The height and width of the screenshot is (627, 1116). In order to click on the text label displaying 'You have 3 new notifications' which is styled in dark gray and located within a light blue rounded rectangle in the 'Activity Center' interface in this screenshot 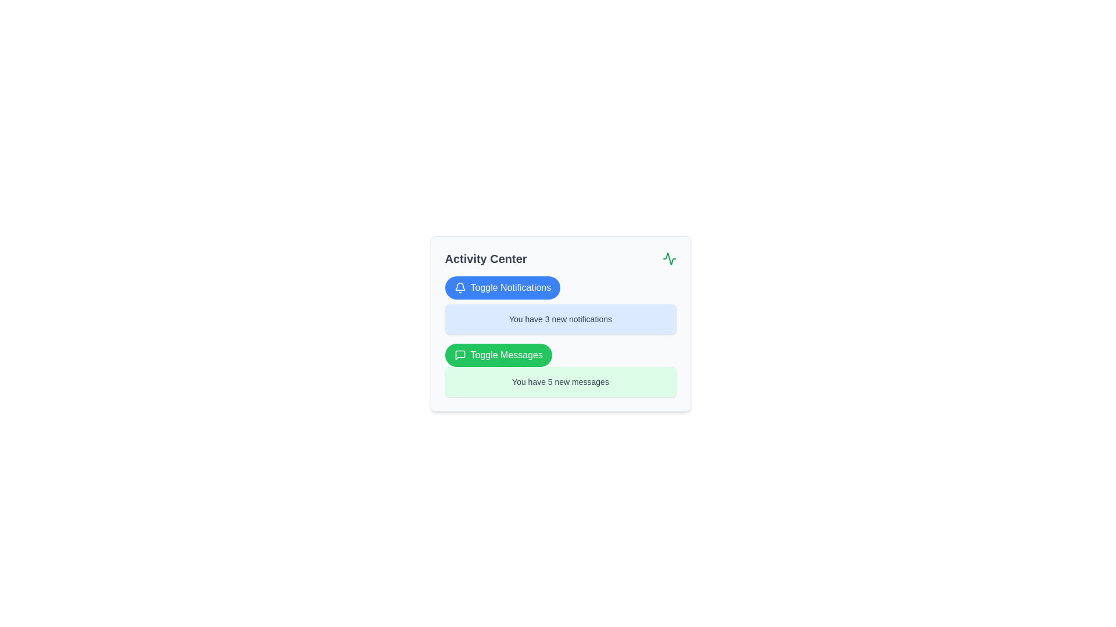, I will do `click(560, 319)`.